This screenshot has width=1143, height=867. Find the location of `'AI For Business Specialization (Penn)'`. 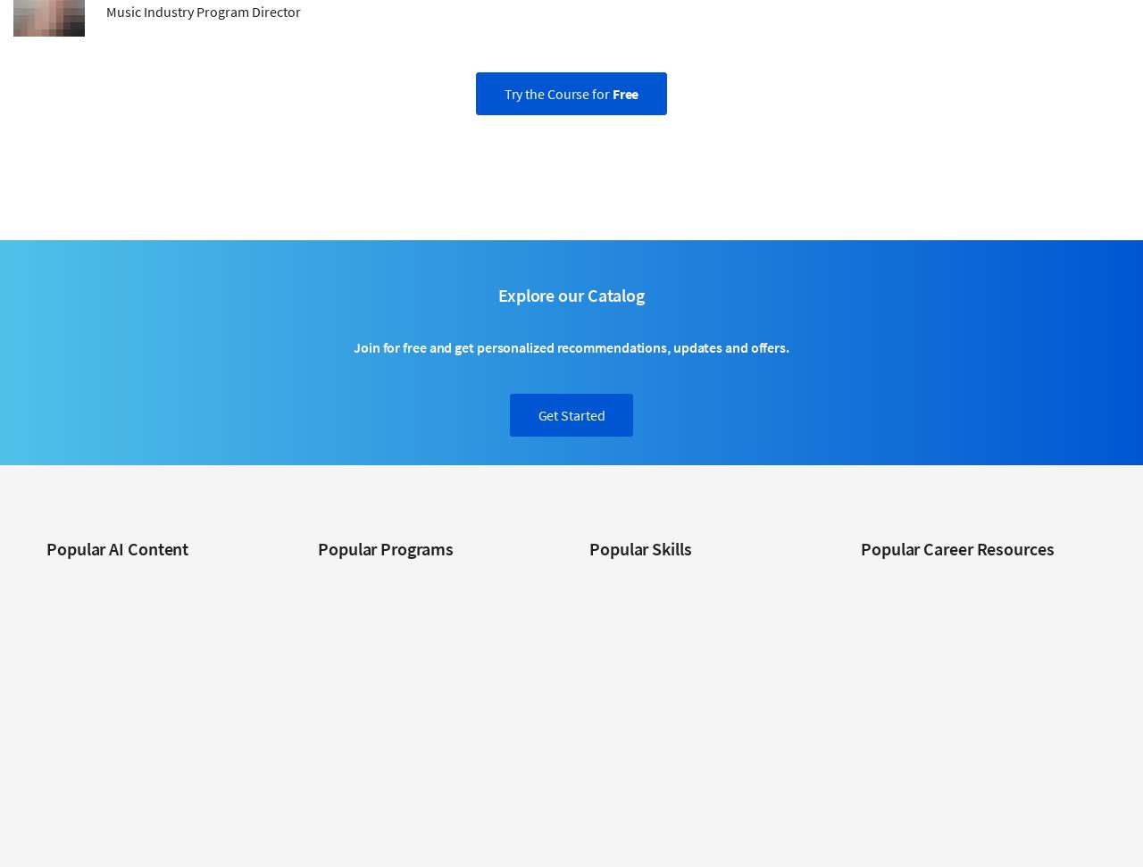

'AI For Business Specialization (Penn)' is located at coordinates (46, 579).